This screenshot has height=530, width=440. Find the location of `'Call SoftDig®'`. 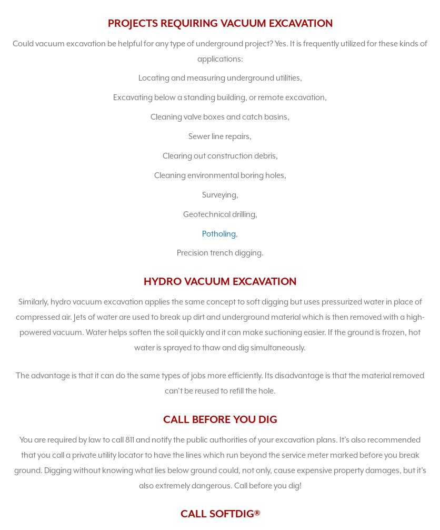

'Call SoftDig®' is located at coordinates (219, 513).